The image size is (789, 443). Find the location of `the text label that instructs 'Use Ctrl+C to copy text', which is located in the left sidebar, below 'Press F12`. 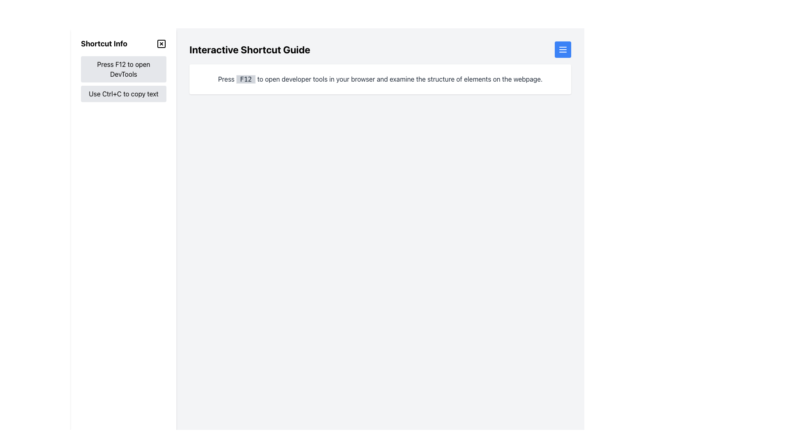

the text label that instructs 'Use Ctrl+C to copy text', which is located in the left sidebar, below 'Press F12 is located at coordinates (123, 93).